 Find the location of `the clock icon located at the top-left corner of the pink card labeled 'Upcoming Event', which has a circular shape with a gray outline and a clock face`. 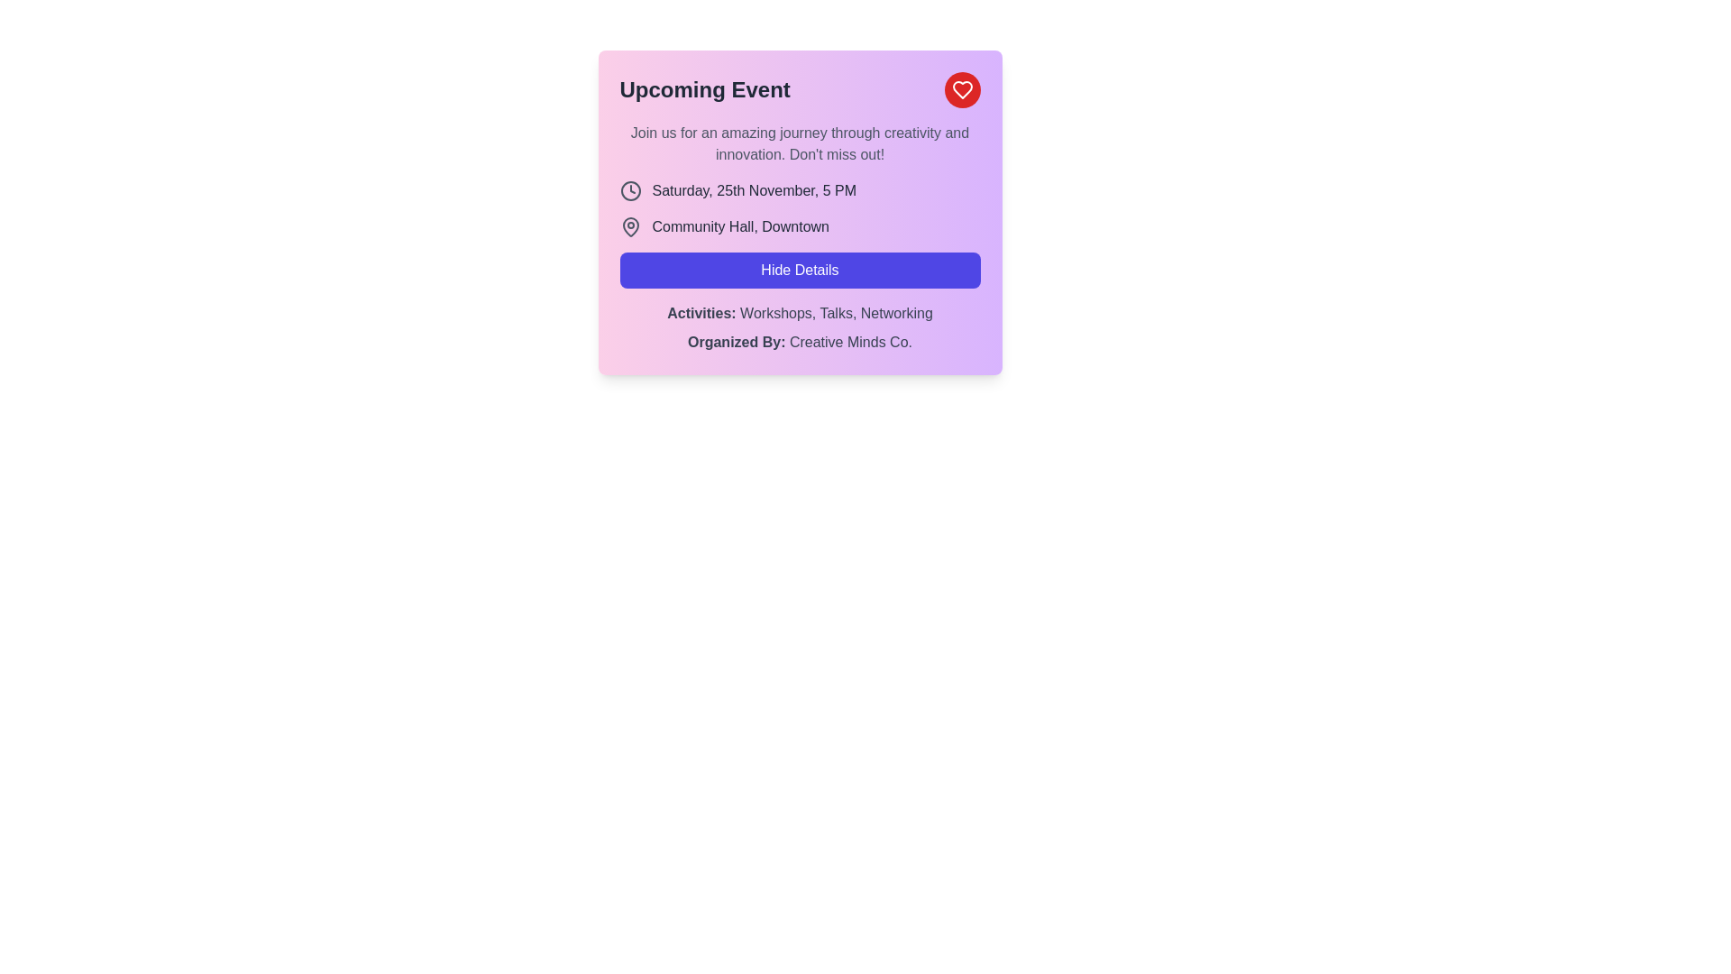

the clock icon located at the top-left corner of the pink card labeled 'Upcoming Event', which has a circular shape with a gray outline and a clock face is located at coordinates (630, 191).